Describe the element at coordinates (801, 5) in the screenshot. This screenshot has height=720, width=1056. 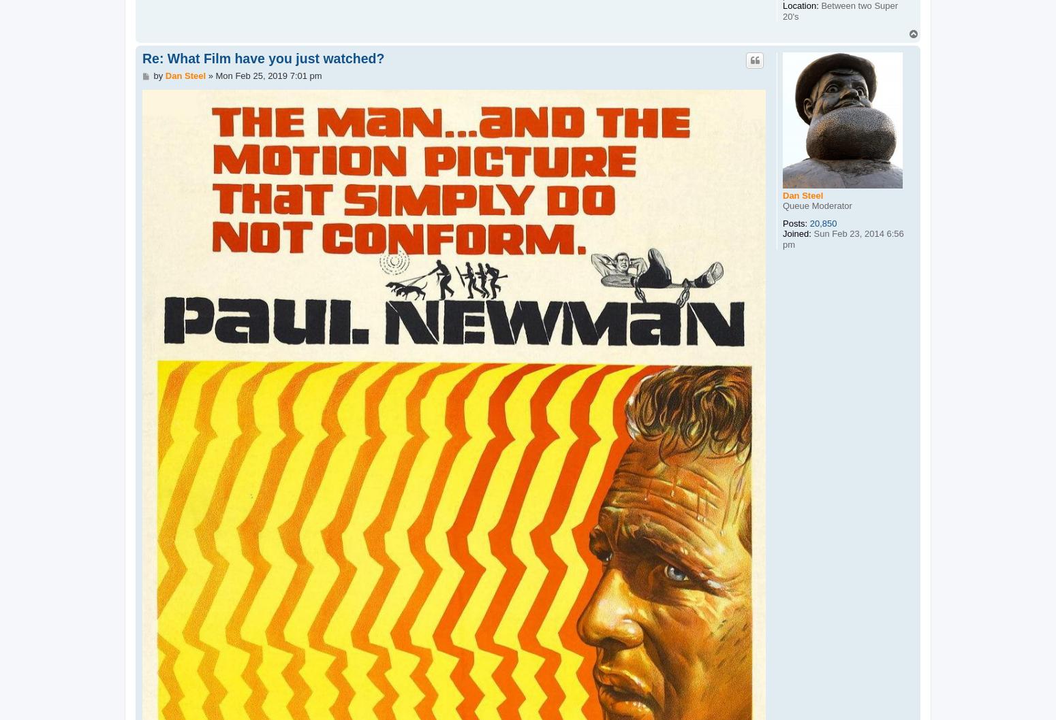
I see `'Location:'` at that location.